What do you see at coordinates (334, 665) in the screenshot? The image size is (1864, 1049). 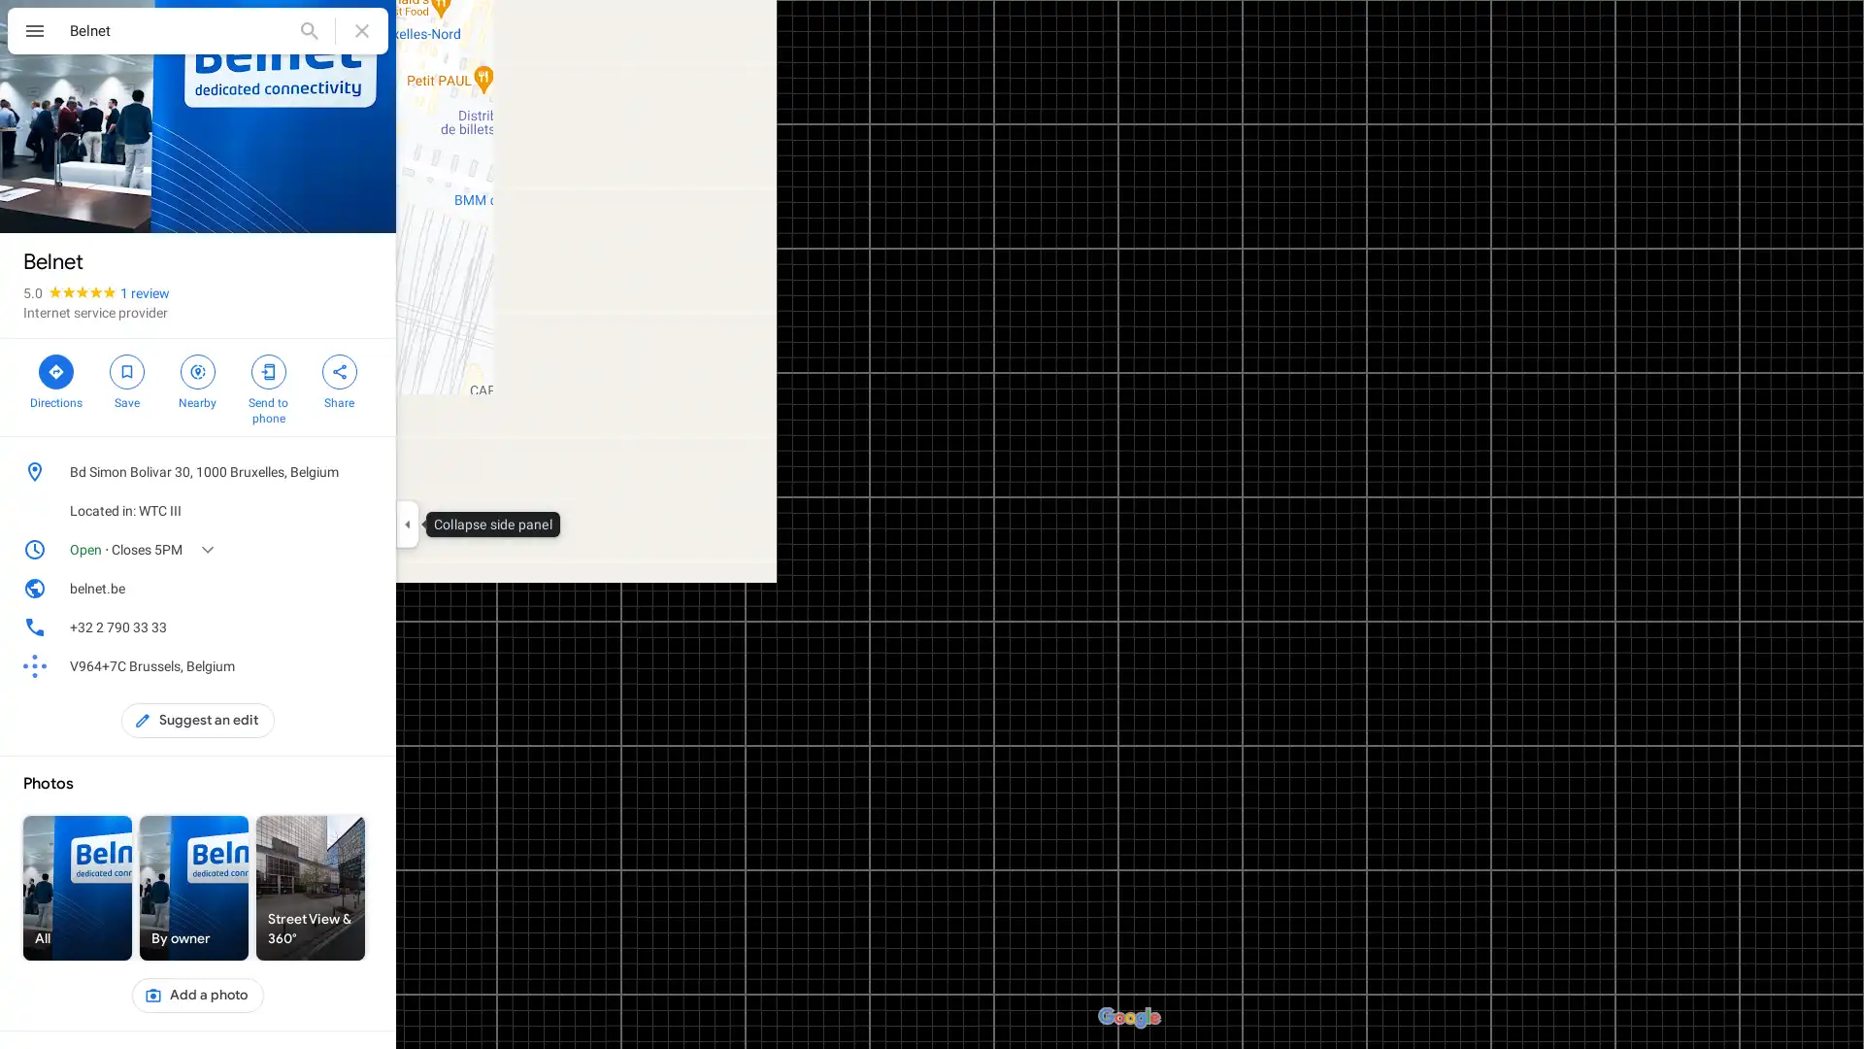 I see `Copy plus code` at bounding box center [334, 665].